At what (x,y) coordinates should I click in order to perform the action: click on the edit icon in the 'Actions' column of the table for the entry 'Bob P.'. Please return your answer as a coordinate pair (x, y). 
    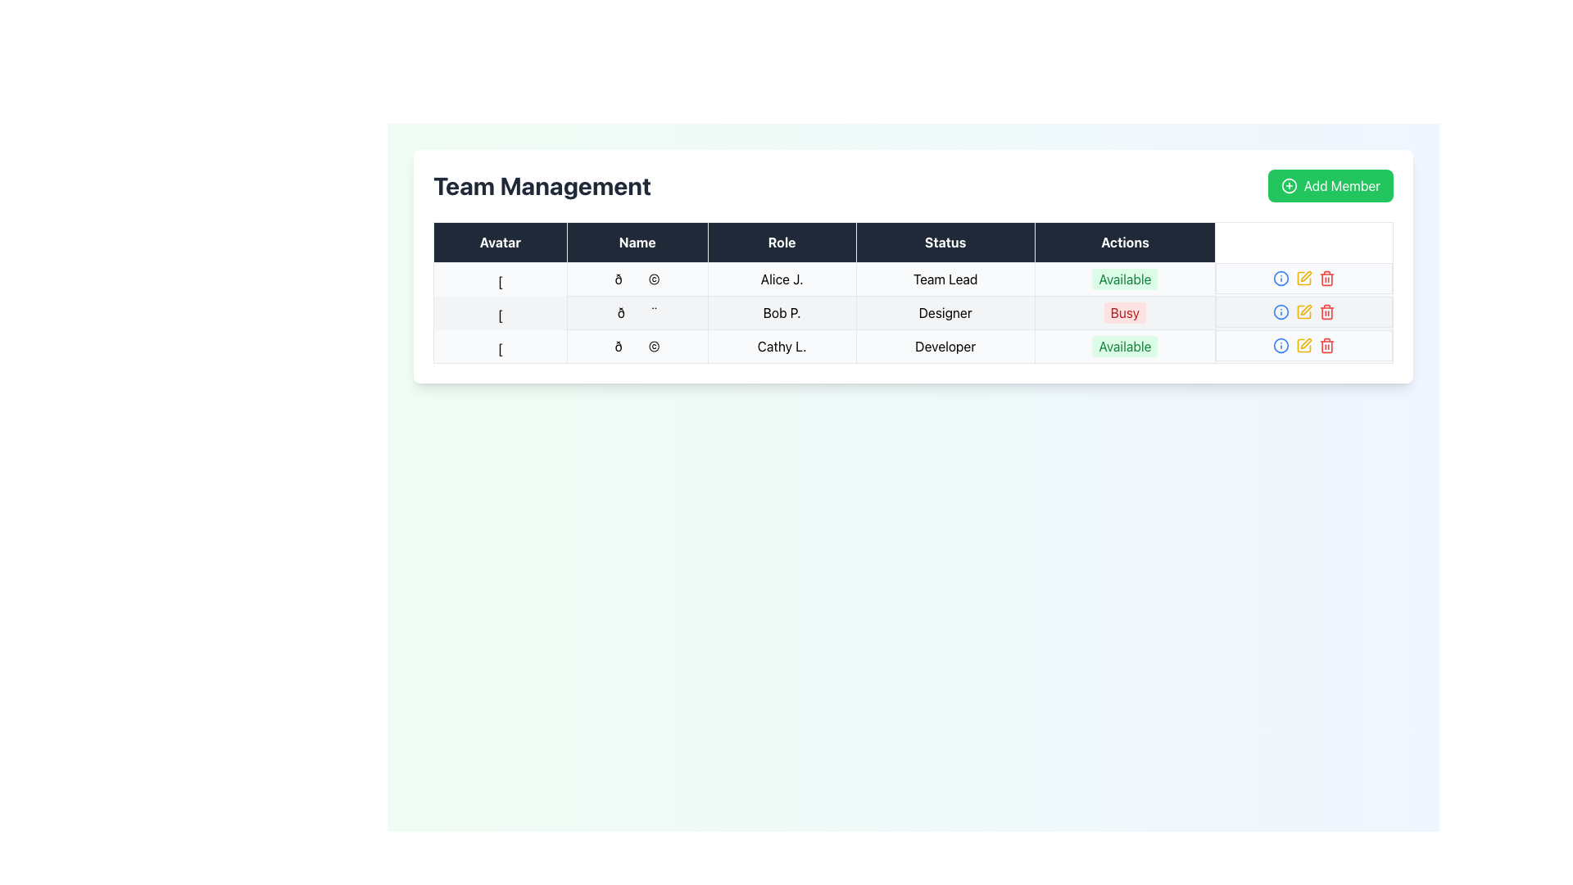
    Looking at the image, I should click on (1303, 311).